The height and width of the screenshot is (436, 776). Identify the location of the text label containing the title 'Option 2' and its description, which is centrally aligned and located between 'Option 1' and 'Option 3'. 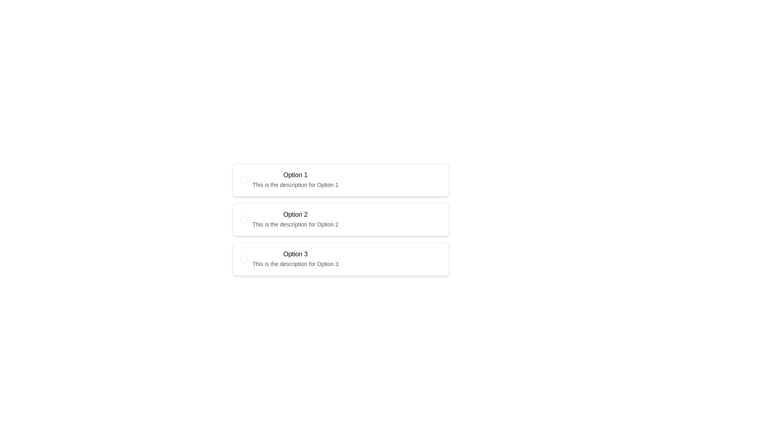
(295, 219).